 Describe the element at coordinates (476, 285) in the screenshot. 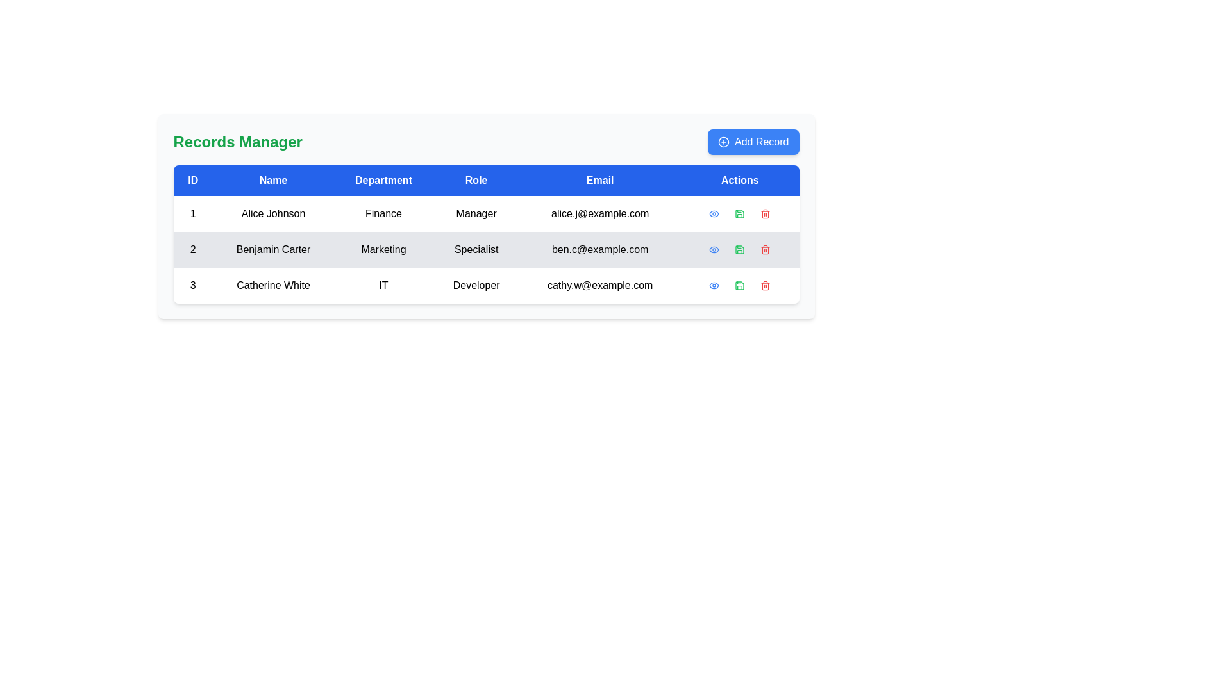

I see `the 'Developer' text element located in the third row of the table under the 'Role' column, which is styled with black text on a white background` at that location.